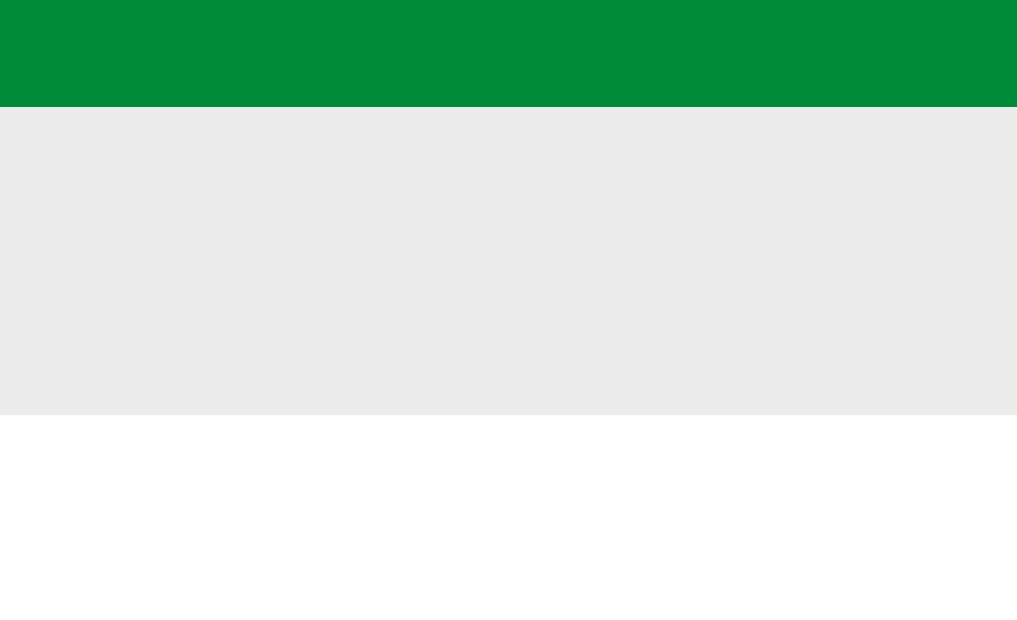 The width and height of the screenshot is (1017, 620). I want to click on 'AN ECONOMIC, EFFICIENT INSULATION', so click(509, 51).